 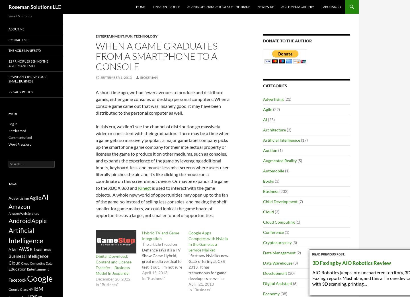 What do you see at coordinates (18, 39) in the screenshot?
I see `'Contact Me'` at bounding box center [18, 39].